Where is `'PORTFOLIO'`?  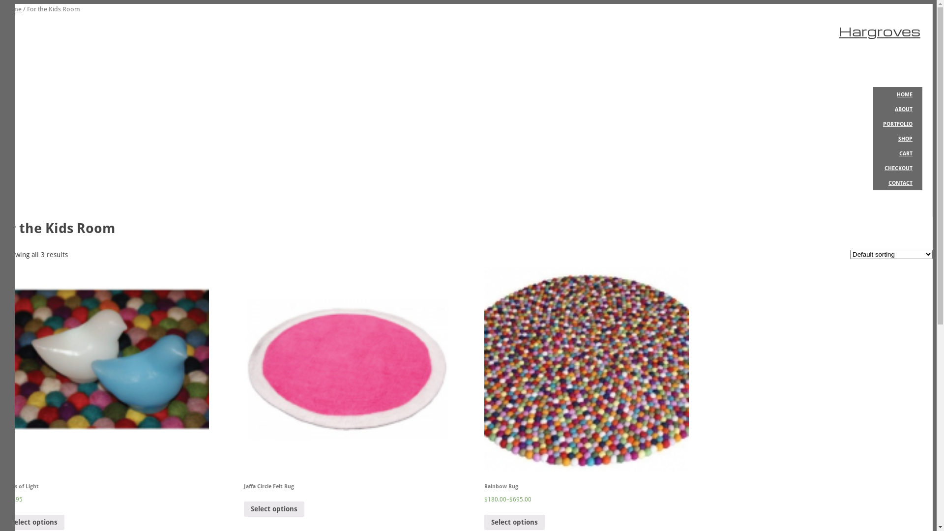
'PORTFOLIO' is located at coordinates (897, 123).